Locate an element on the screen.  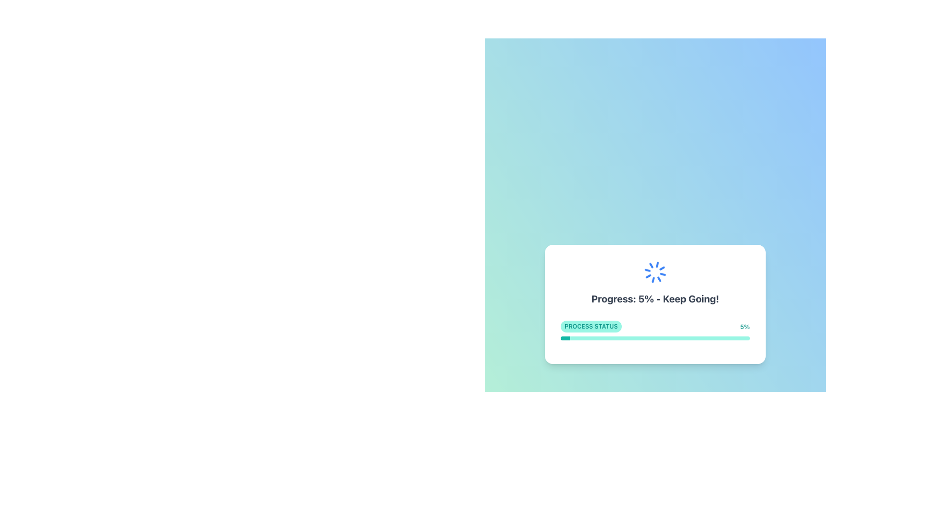
the Loader Icon that serves as visual feedback, located above the text 'Progress: 5% - Keep Going!', positioned centrally in the progress tracking widget is located at coordinates (655, 272).